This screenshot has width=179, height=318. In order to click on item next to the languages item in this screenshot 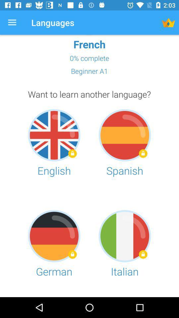, I will do `click(12, 23)`.